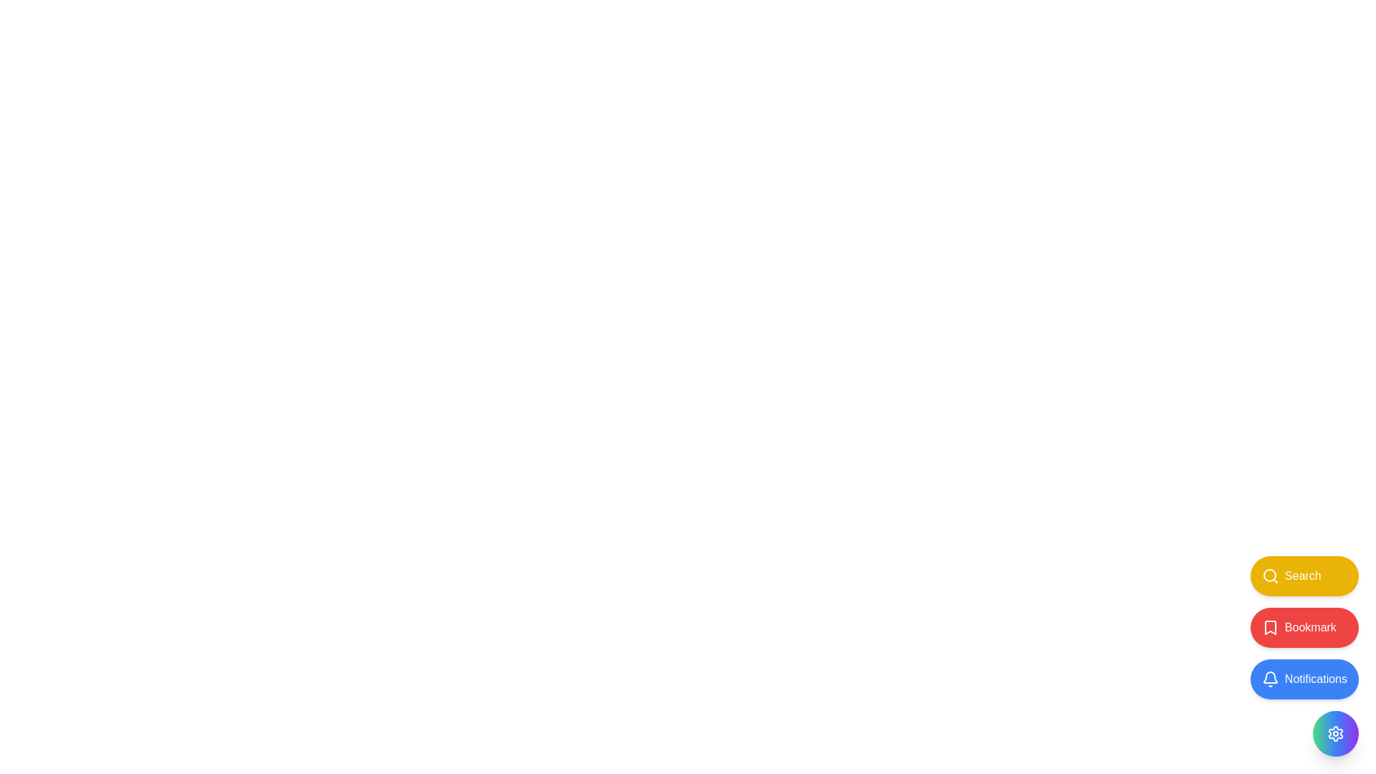 This screenshot has width=1376, height=774. What do you see at coordinates (1334, 733) in the screenshot?
I see `the Settings icon, which is a gear-shaped vector graphic located in a round button at the bottom-right corner of the interface` at bounding box center [1334, 733].